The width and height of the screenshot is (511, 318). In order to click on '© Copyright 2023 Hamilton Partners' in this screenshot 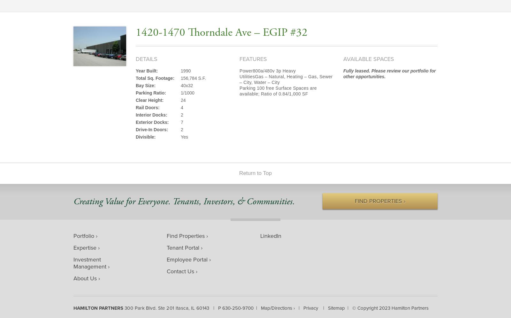, I will do `click(390, 307)`.